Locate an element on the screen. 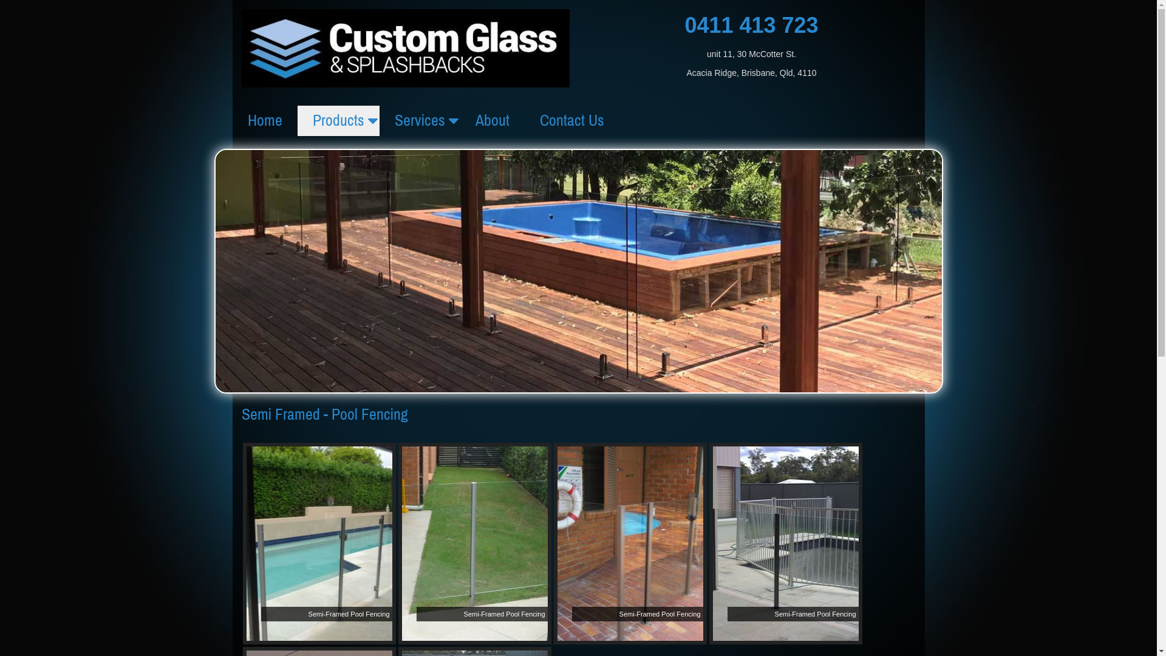  'Semi-Framed Pool Fencing' is located at coordinates (319, 542).